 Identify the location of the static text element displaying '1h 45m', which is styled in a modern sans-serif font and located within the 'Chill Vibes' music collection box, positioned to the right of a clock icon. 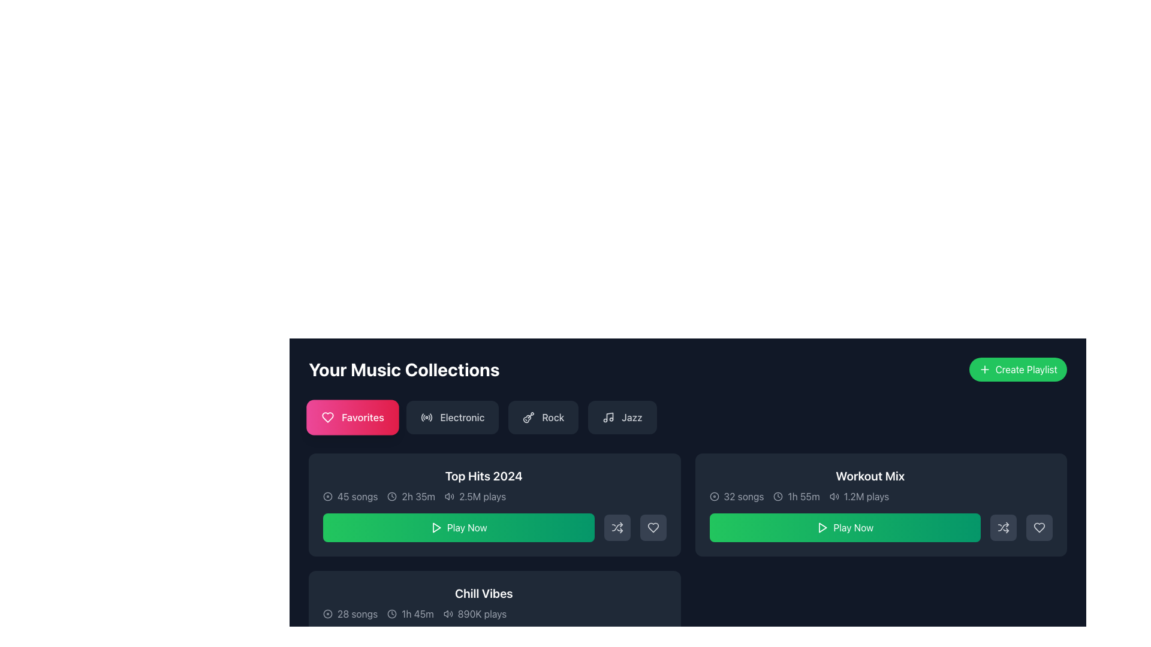
(417, 614).